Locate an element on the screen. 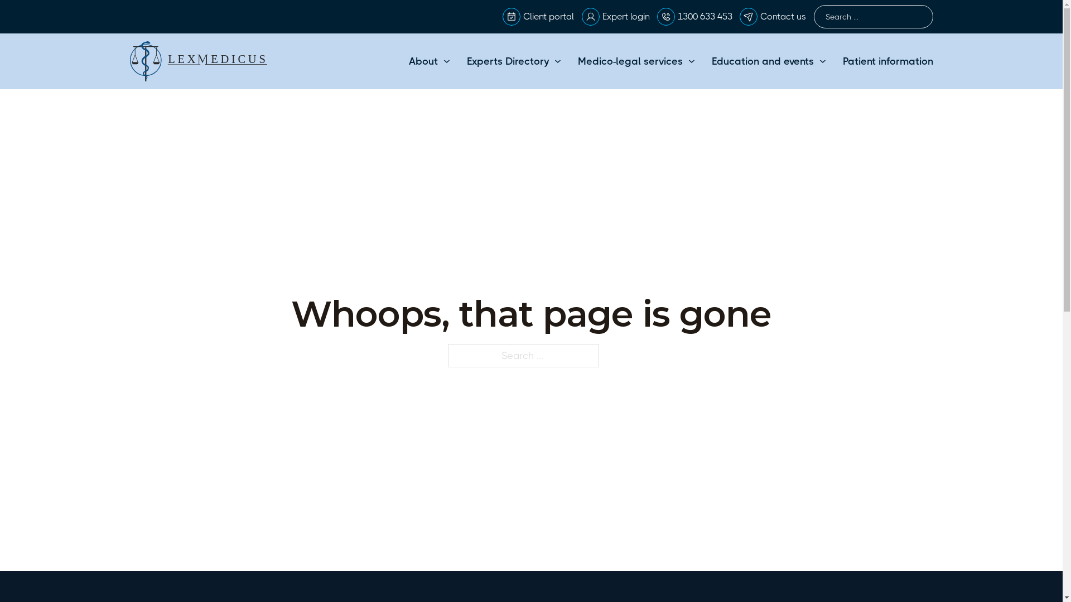 The width and height of the screenshot is (1071, 602). 'Expert login' is located at coordinates (626, 17).